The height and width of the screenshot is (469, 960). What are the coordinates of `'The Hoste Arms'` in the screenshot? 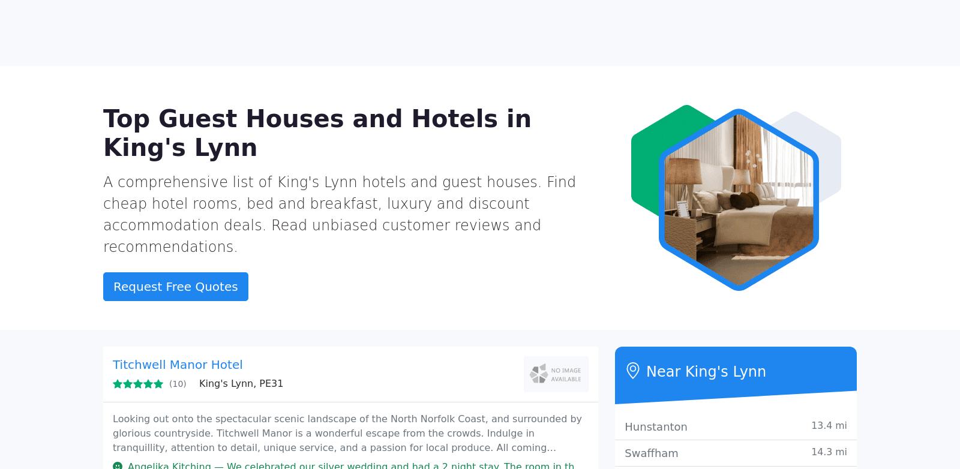 It's located at (160, 182).